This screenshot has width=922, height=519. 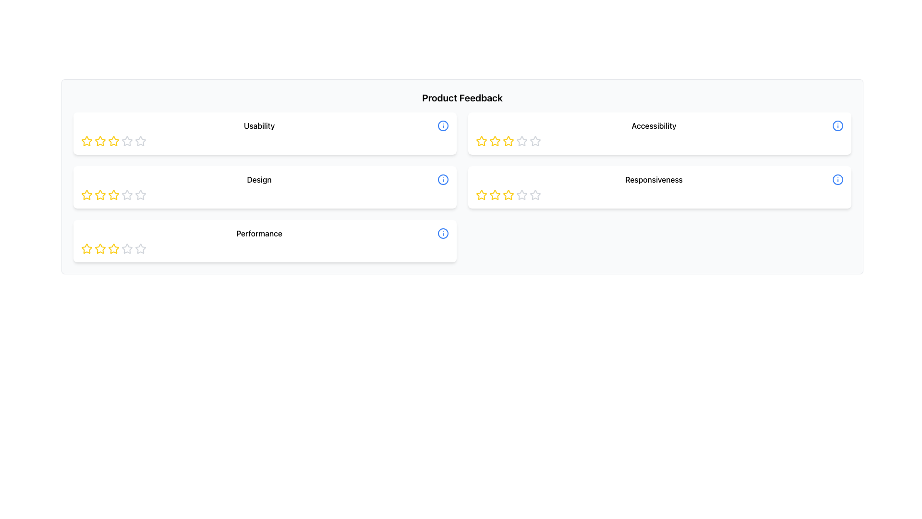 What do you see at coordinates (113, 141) in the screenshot?
I see `the second rating star button in the 'Usability' rating row of the 'Product Feedback' section` at bounding box center [113, 141].